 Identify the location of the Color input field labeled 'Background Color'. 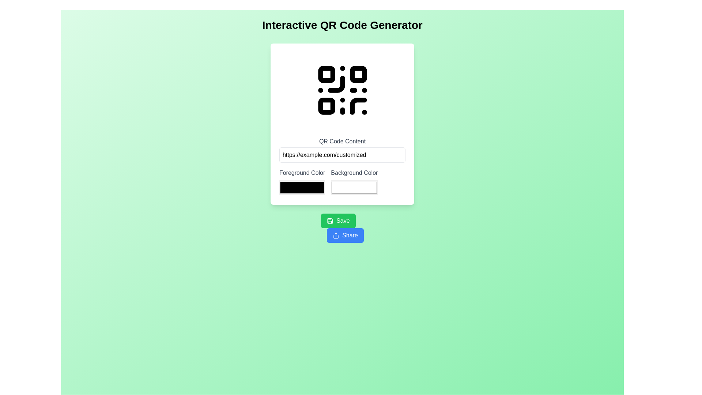
(354, 182).